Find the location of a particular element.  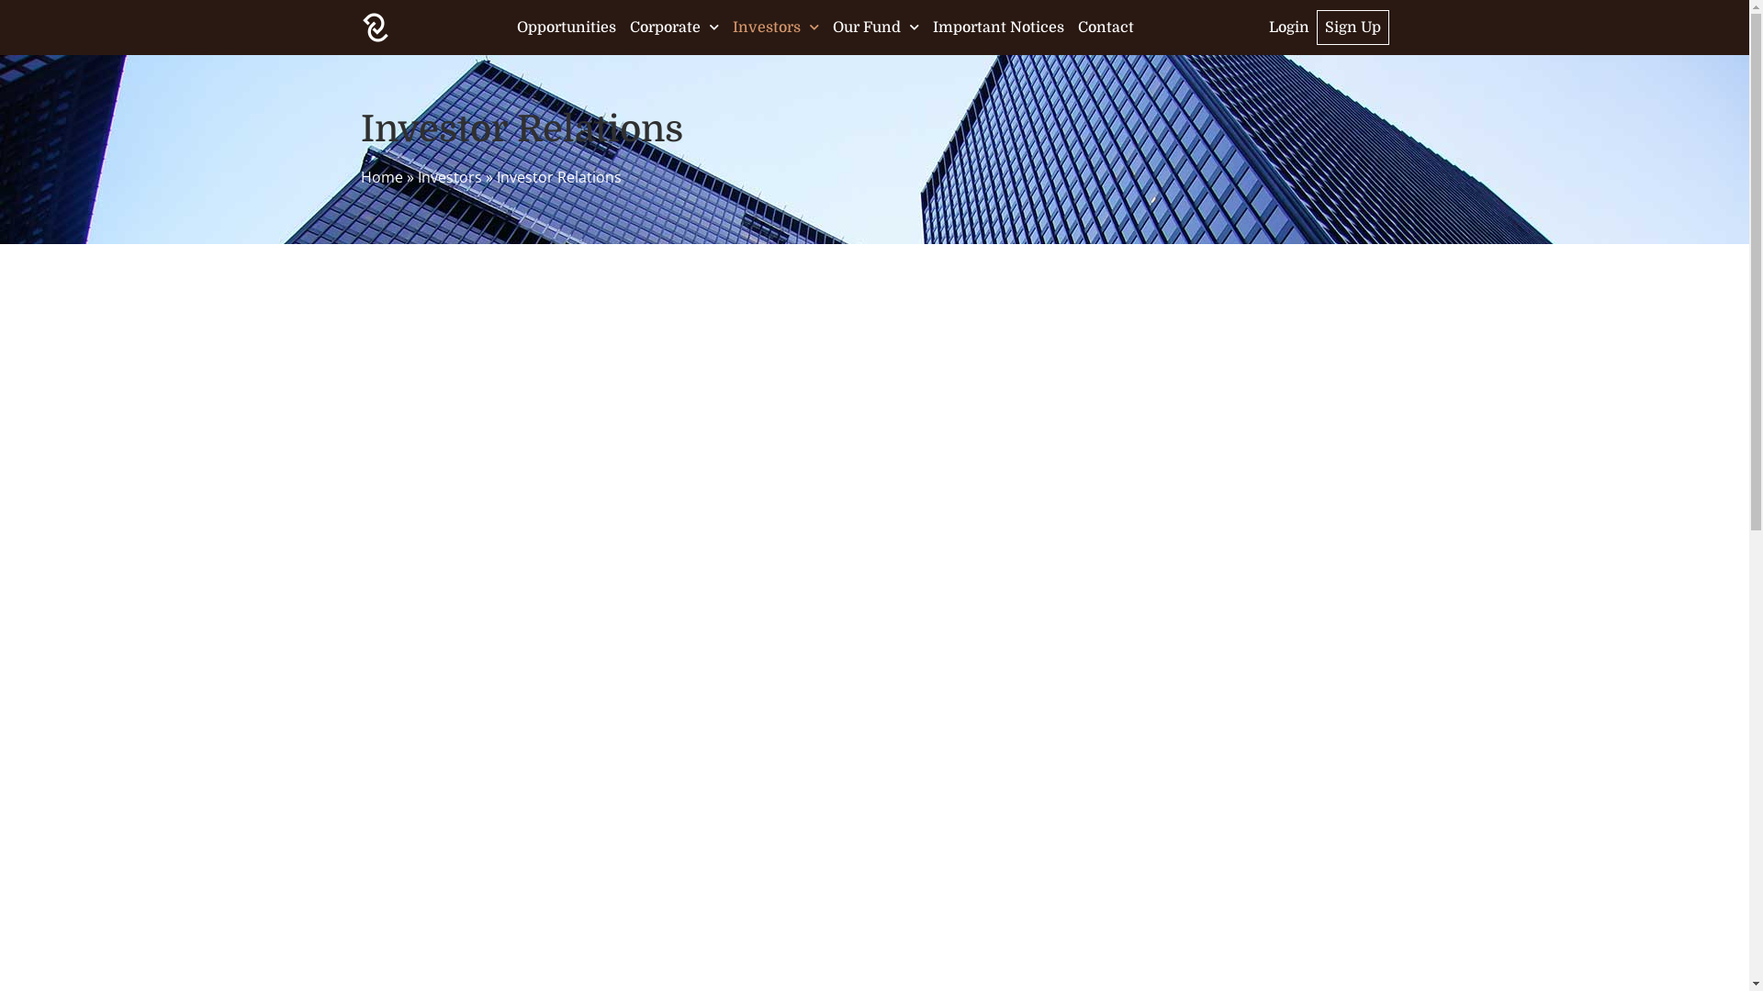

'Investors' is located at coordinates (449, 176).